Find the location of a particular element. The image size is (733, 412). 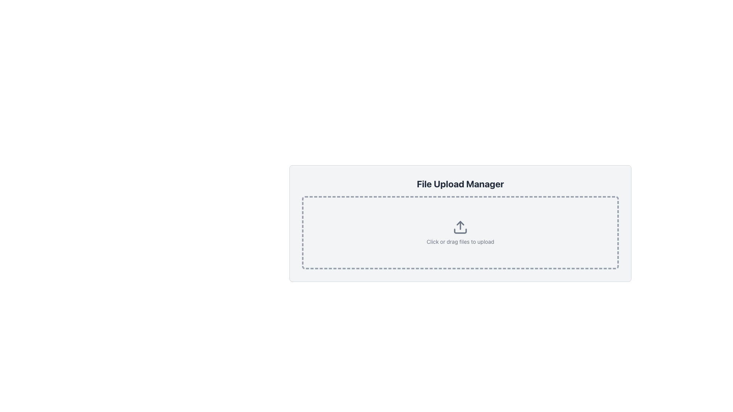

the horizontal line with rounded corners that serves as the base of the file upload icon is located at coordinates (460, 230).